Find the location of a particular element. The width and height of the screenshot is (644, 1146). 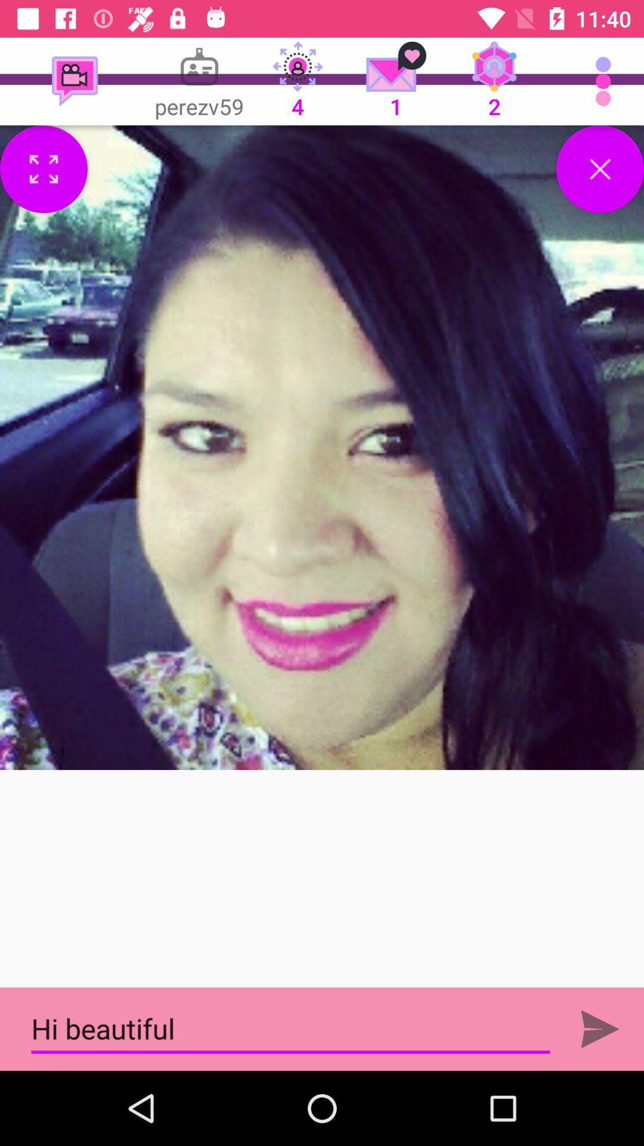

the fullscreen icon is located at coordinates (43, 168).